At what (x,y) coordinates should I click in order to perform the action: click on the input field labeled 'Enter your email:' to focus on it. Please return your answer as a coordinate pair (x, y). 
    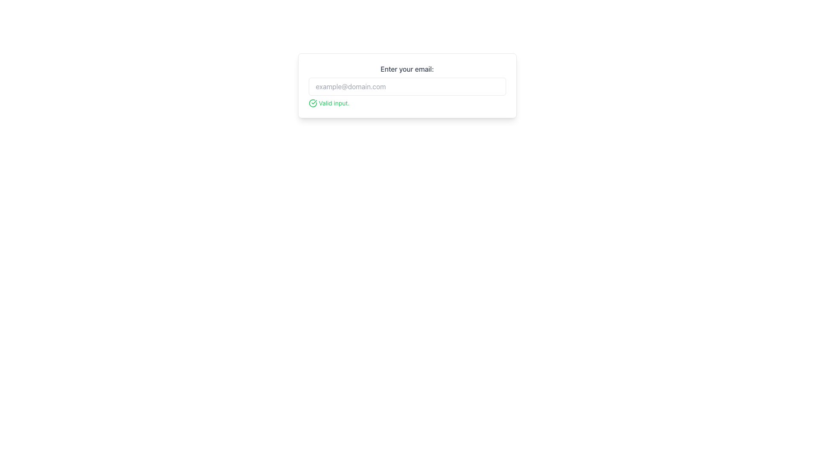
    Looking at the image, I should click on (407, 85).